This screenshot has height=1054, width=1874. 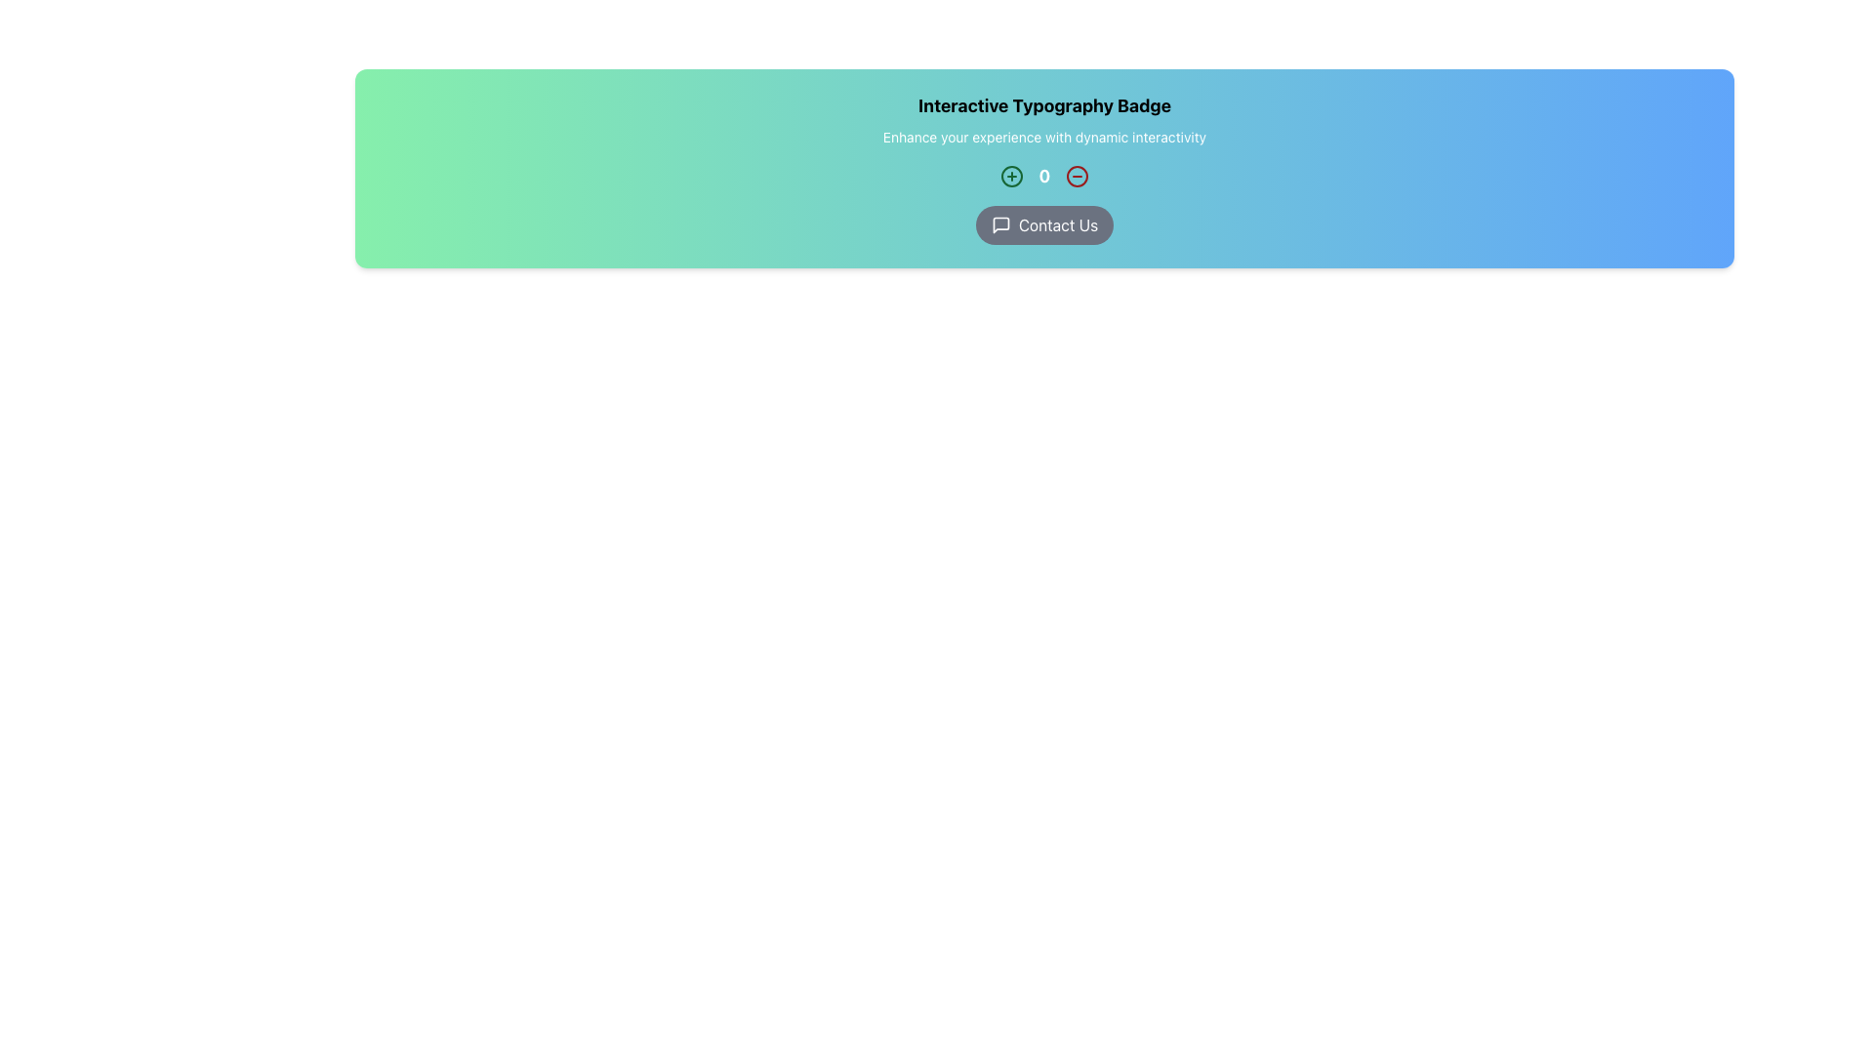 I want to click on the increment button, which is the first of three interactive icons aligned below the subtitle text, to observe hover effects, so click(x=1011, y=177).